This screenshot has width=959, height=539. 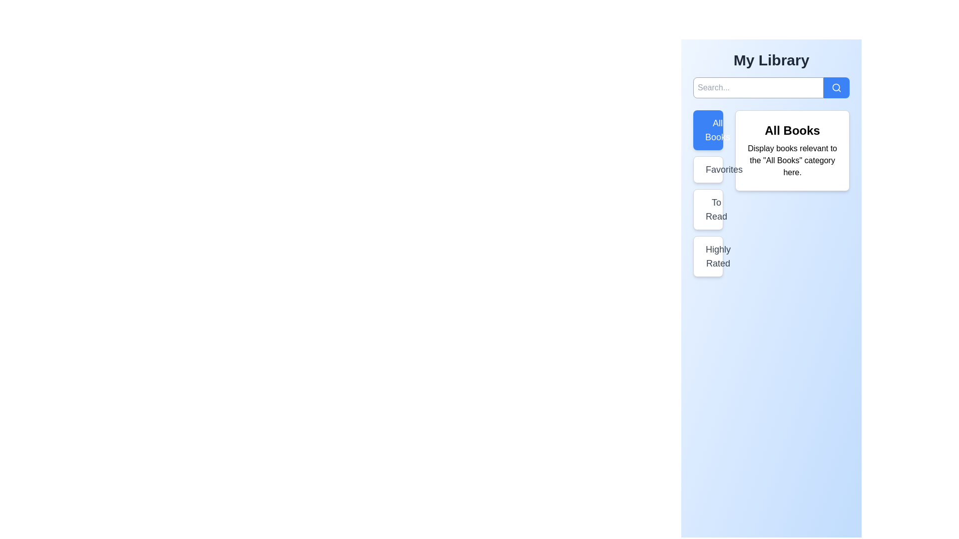 I want to click on the button that switches the view, so click(x=708, y=169).